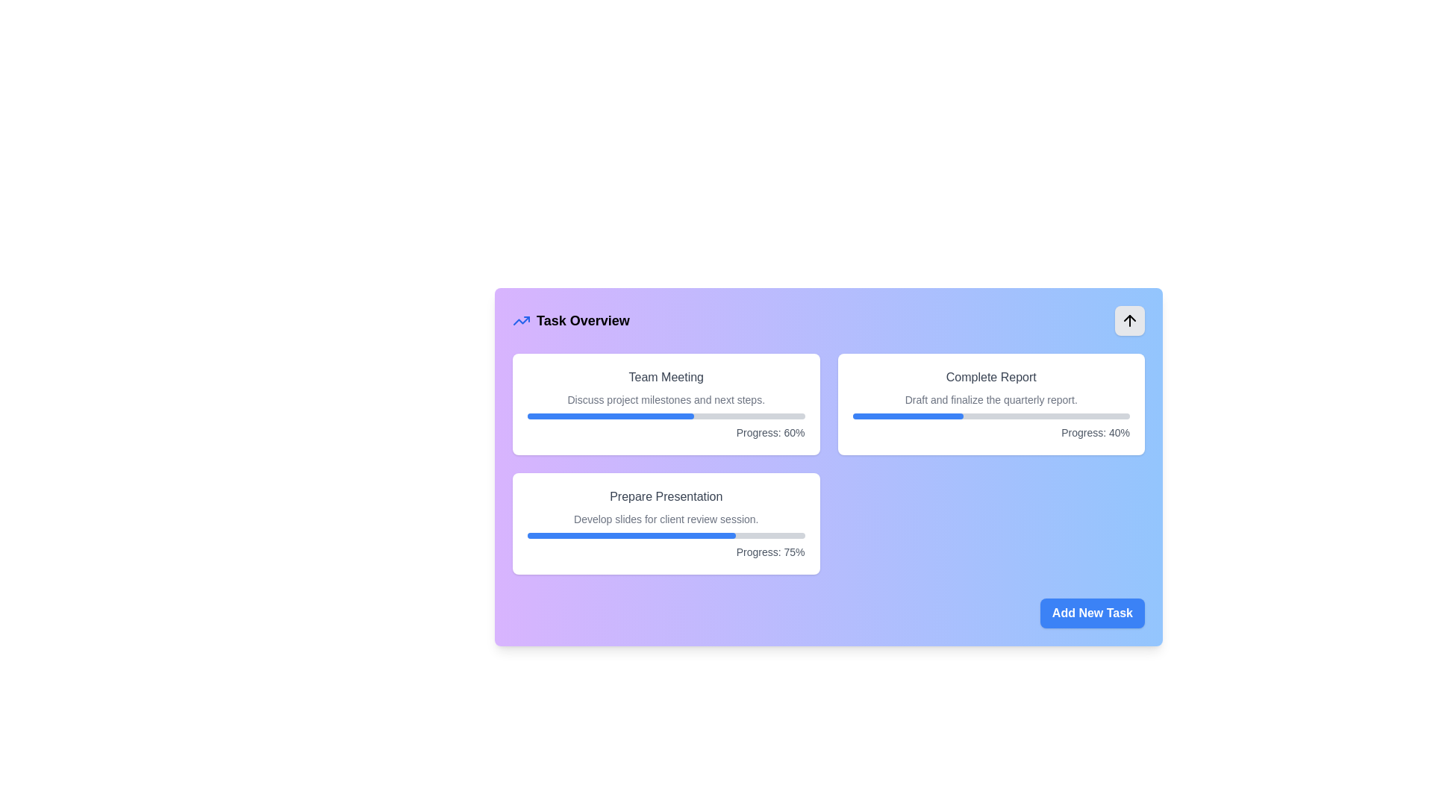 The image size is (1433, 806). I want to click on the Progress bar representing 75% completion located within the 'Prepare Presentation' task card, positioned beneath the description text and above the 'Progress: 75%' label, so click(665, 534).